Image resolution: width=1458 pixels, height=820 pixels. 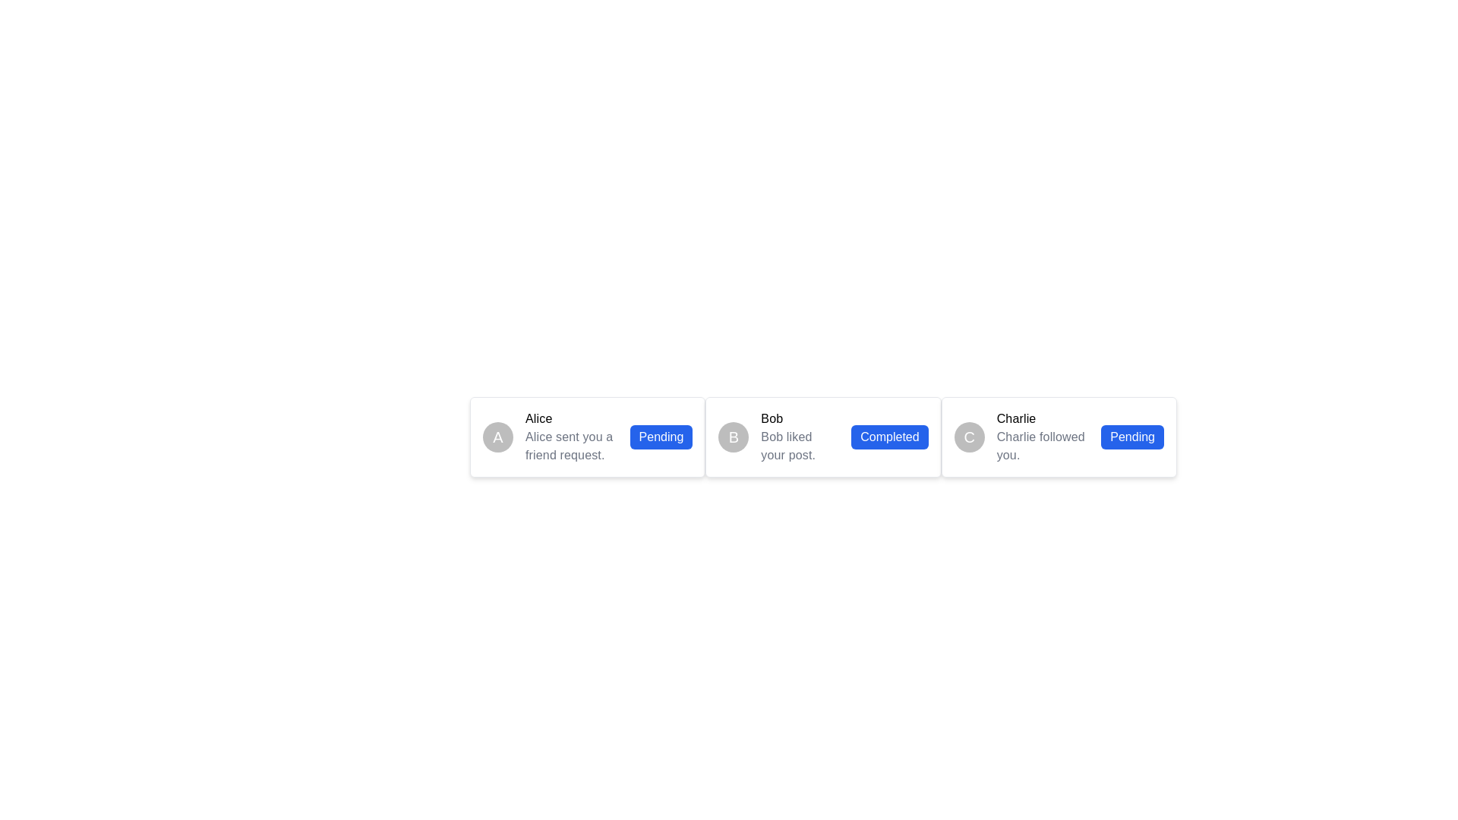 What do you see at coordinates (799, 437) in the screenshot?
I see `the Text Label that notifies the user that 'Bob' has liked one of their posts, which is located in the second card of a horizontal card list layout, positioned to the right of avatar 'B' and to the left of the 'Completed' button` at bounding box center [799, 437].